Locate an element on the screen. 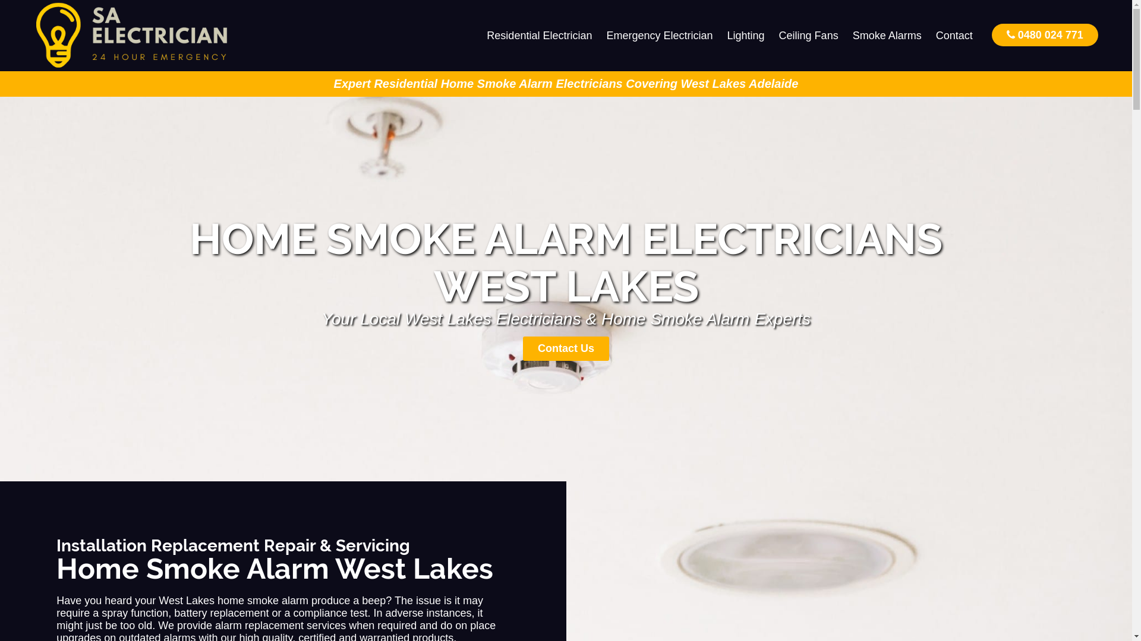  'Smoke Alarms' is located at coordinates (887, 35).